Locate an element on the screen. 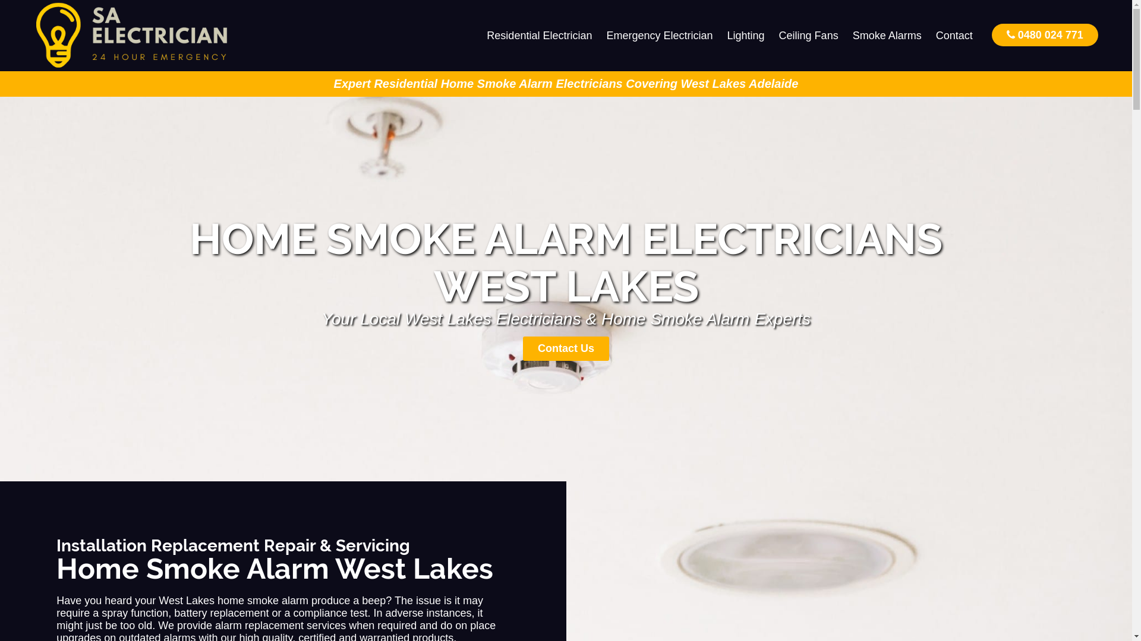  'Smoke Alarms' is located at coordinates (887, 35).